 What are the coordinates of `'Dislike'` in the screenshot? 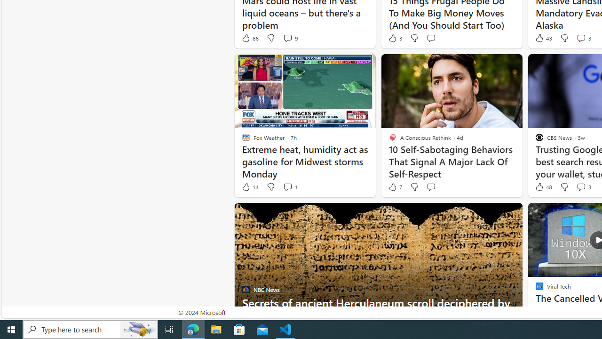 It's located at (564, 187).